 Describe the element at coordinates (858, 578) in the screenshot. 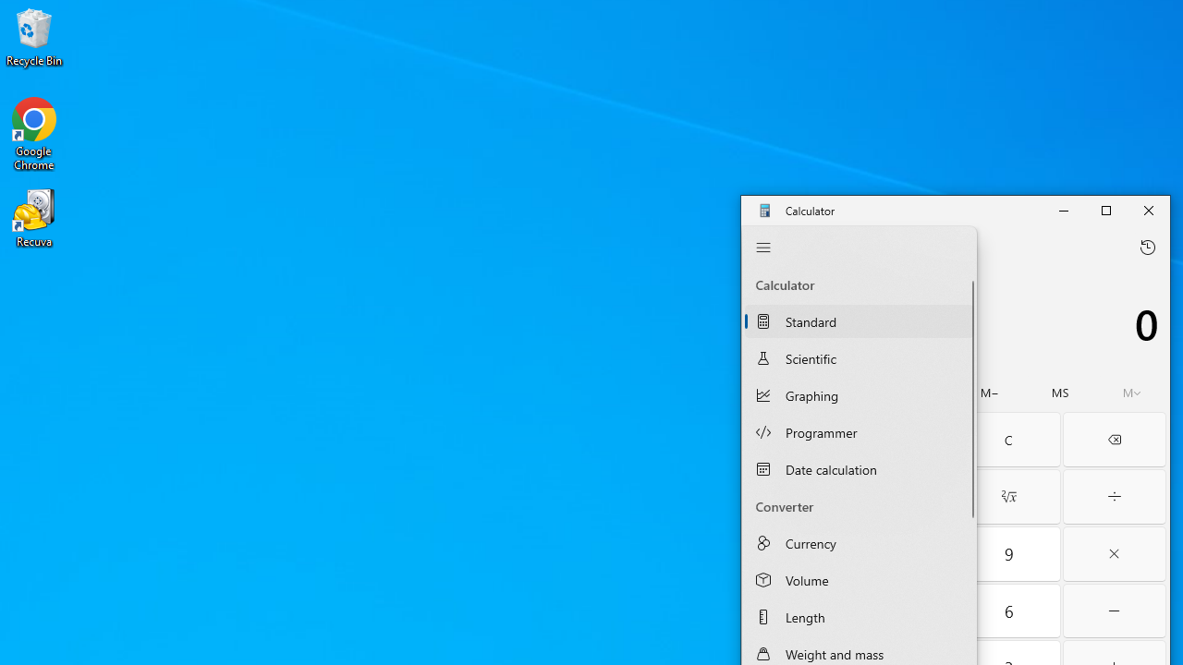

I see `'Volume Converter'` at that location.